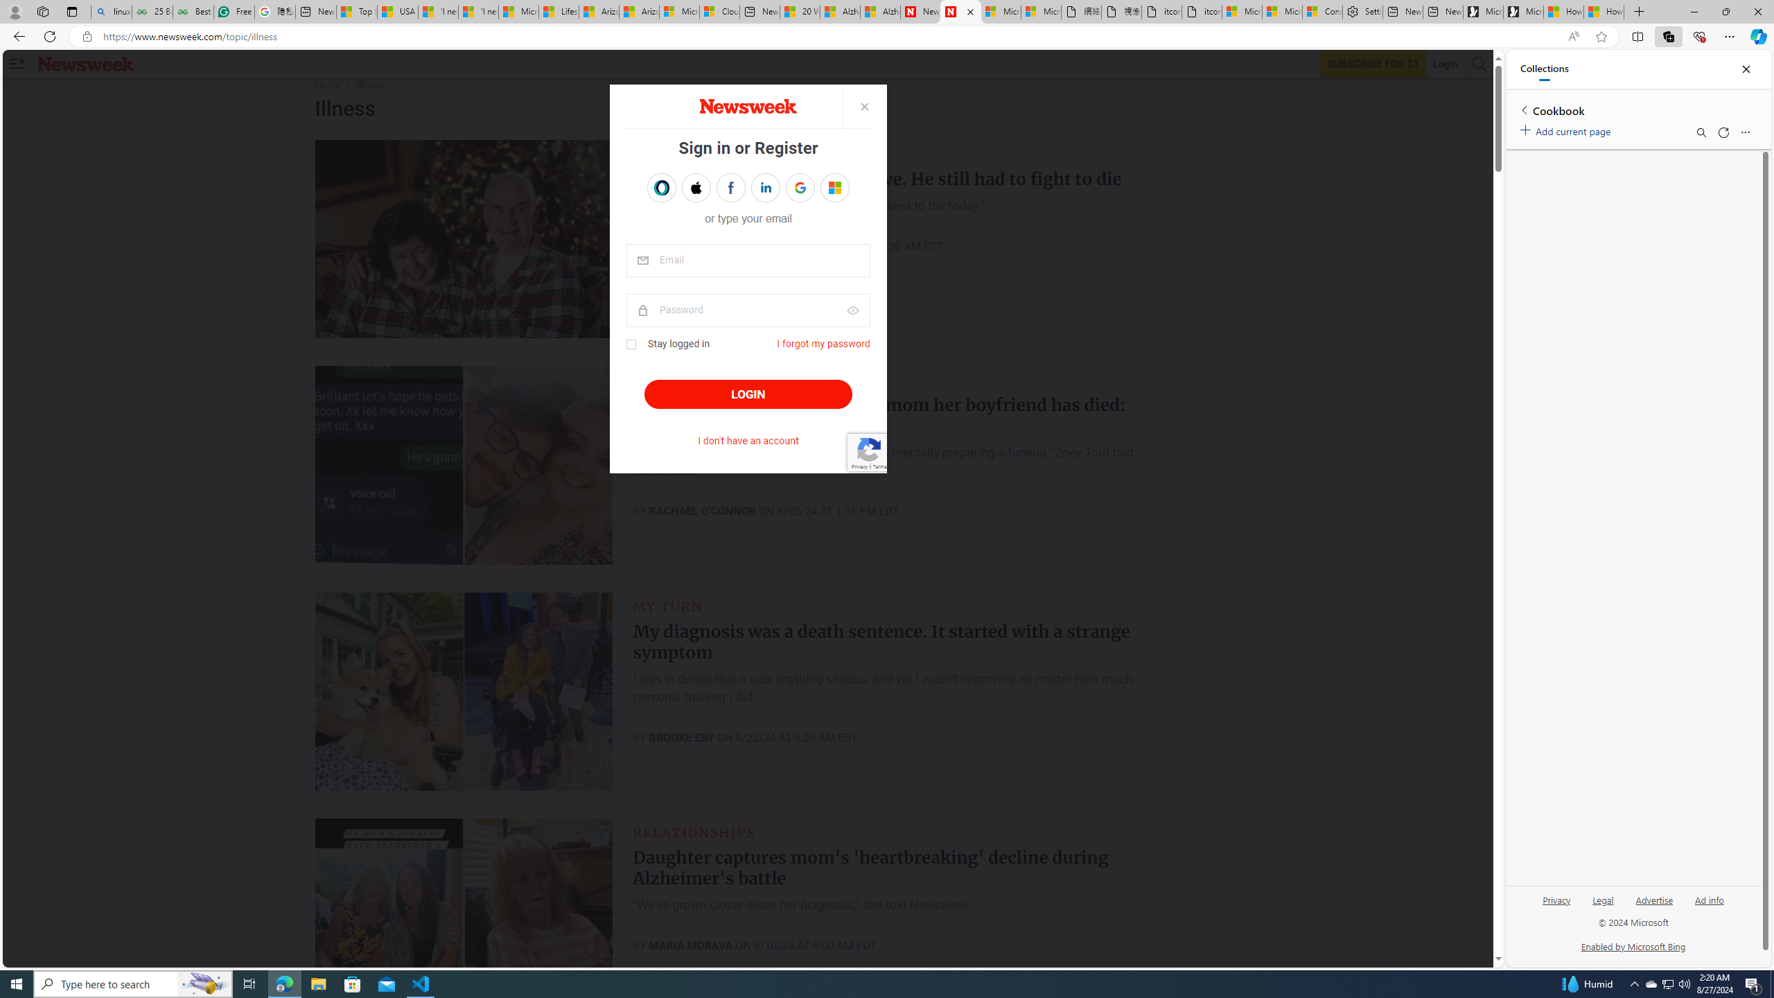 The image size is (1774, 998). Describe the element at coordinates (1556, 900) in the screenshot. I see `'Privacy'` at that location.